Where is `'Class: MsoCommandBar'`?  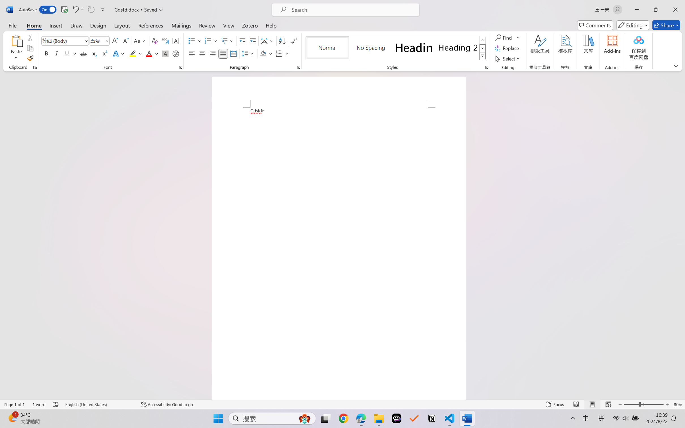 'Class: MsoCommandBar' is located at coordinates (342, 404).